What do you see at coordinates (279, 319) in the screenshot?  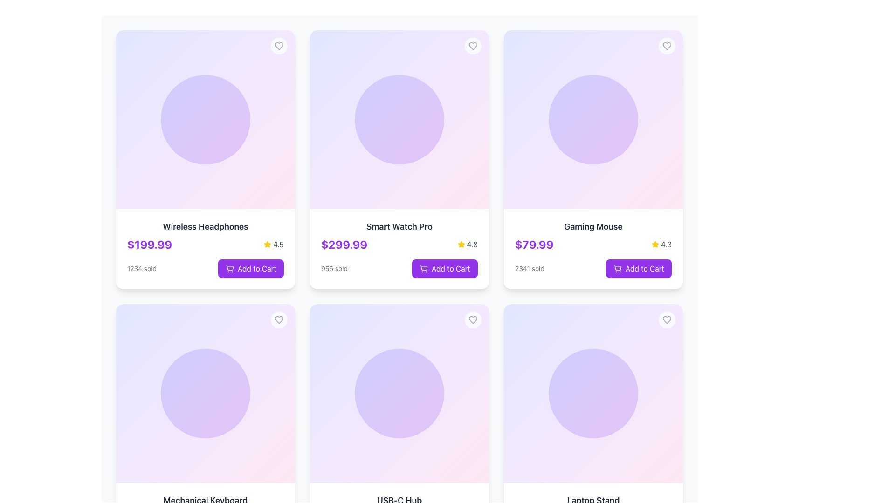 I see `the favorite button located in the top-right corner of the product card in the second row and second column of the grid` at bounding box center [279, 319].